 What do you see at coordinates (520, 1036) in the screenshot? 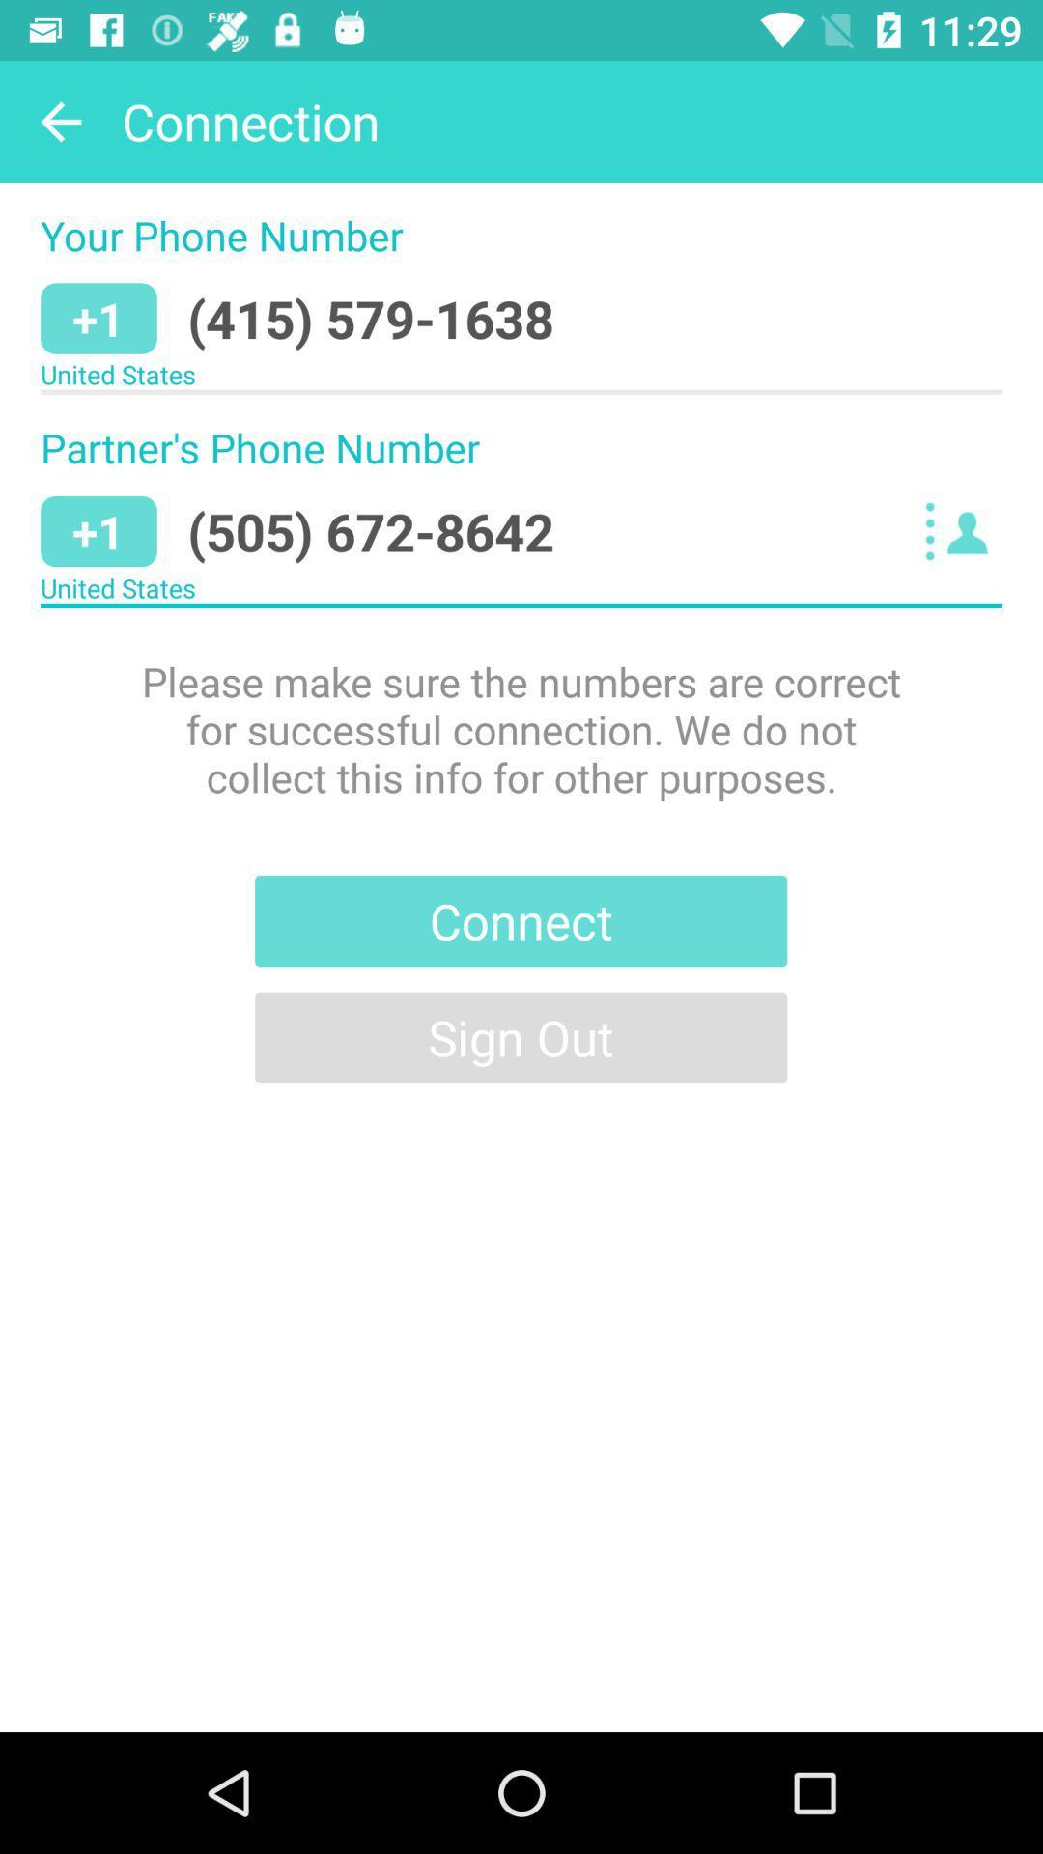
I see `sign out` at bounding box center [520, 1036].